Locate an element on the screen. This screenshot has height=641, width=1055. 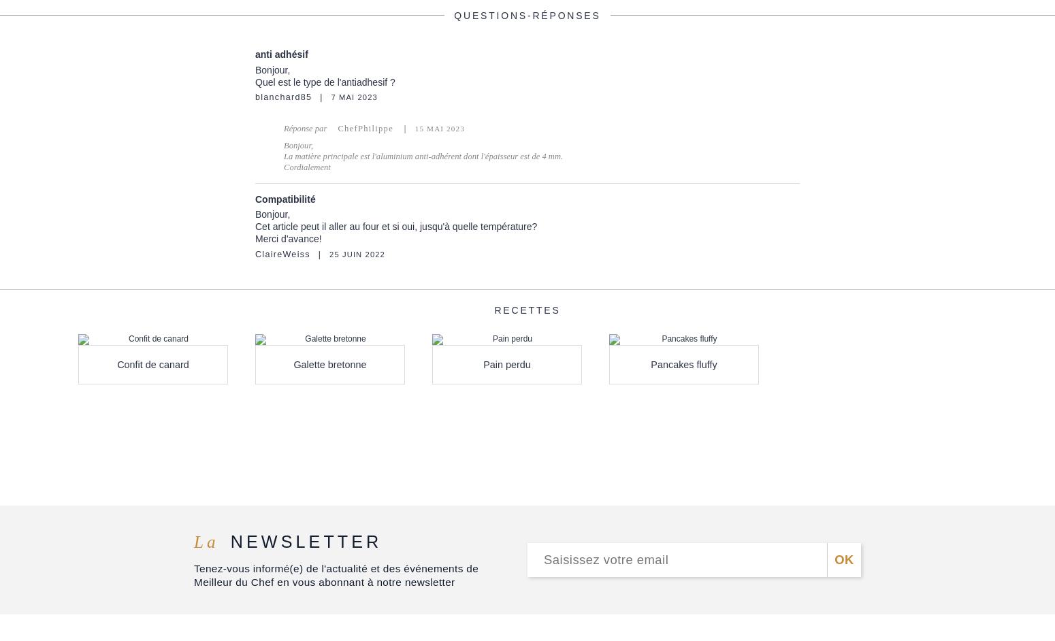
'Merci d'avance!' is located at coordinates (288, 237).